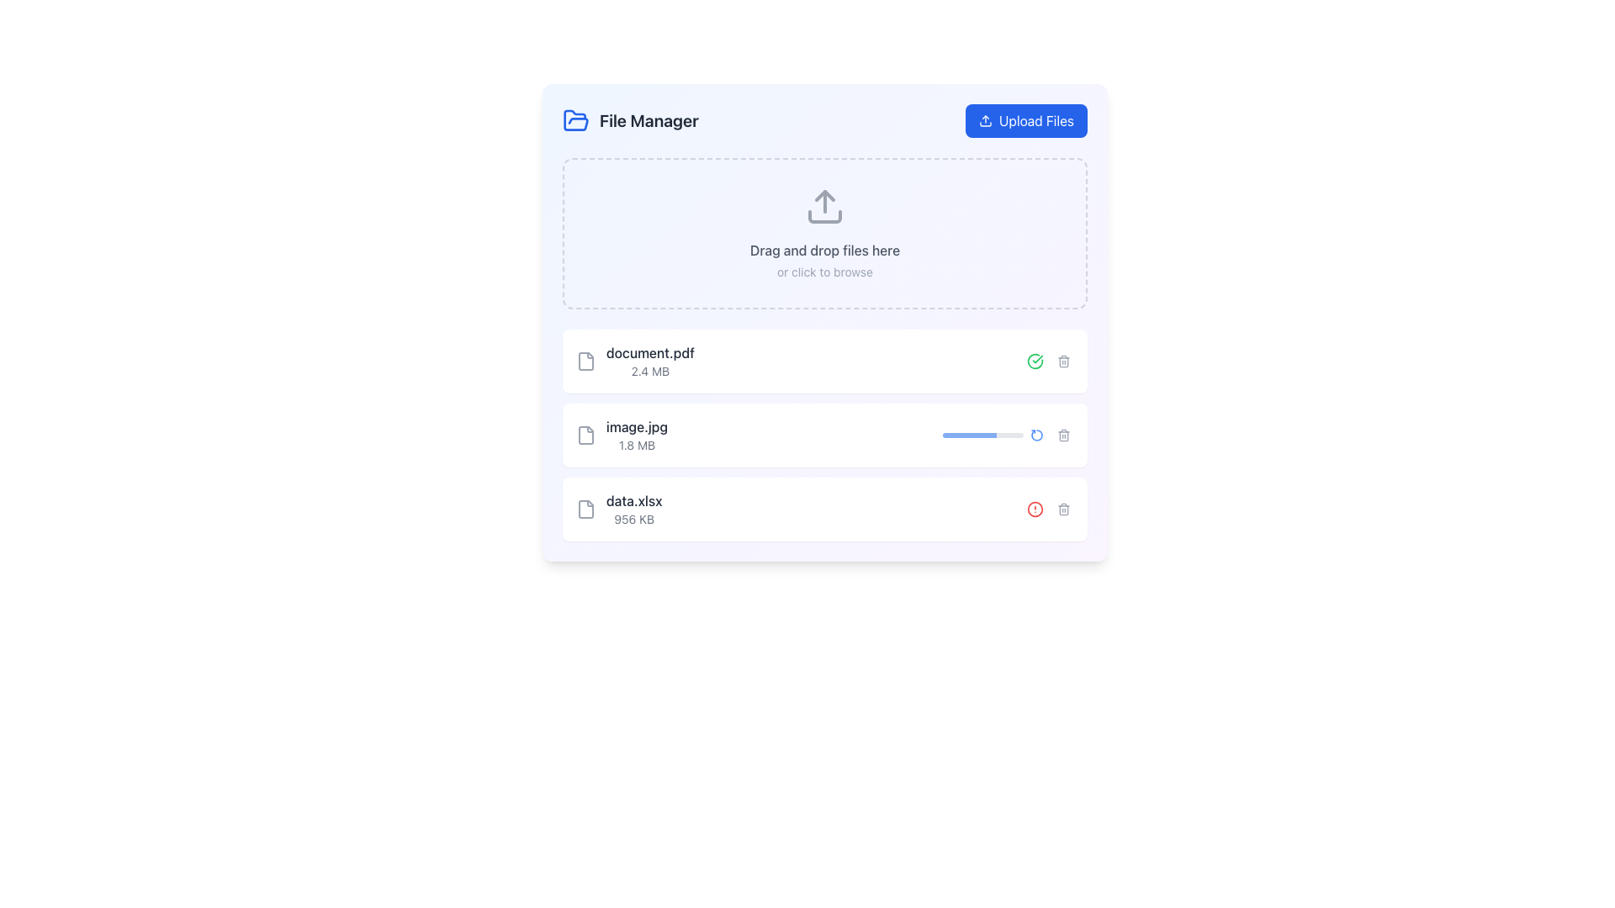  I want to click on the file entry for 'data.xlsx' in the File Manager, so click(824, 508).